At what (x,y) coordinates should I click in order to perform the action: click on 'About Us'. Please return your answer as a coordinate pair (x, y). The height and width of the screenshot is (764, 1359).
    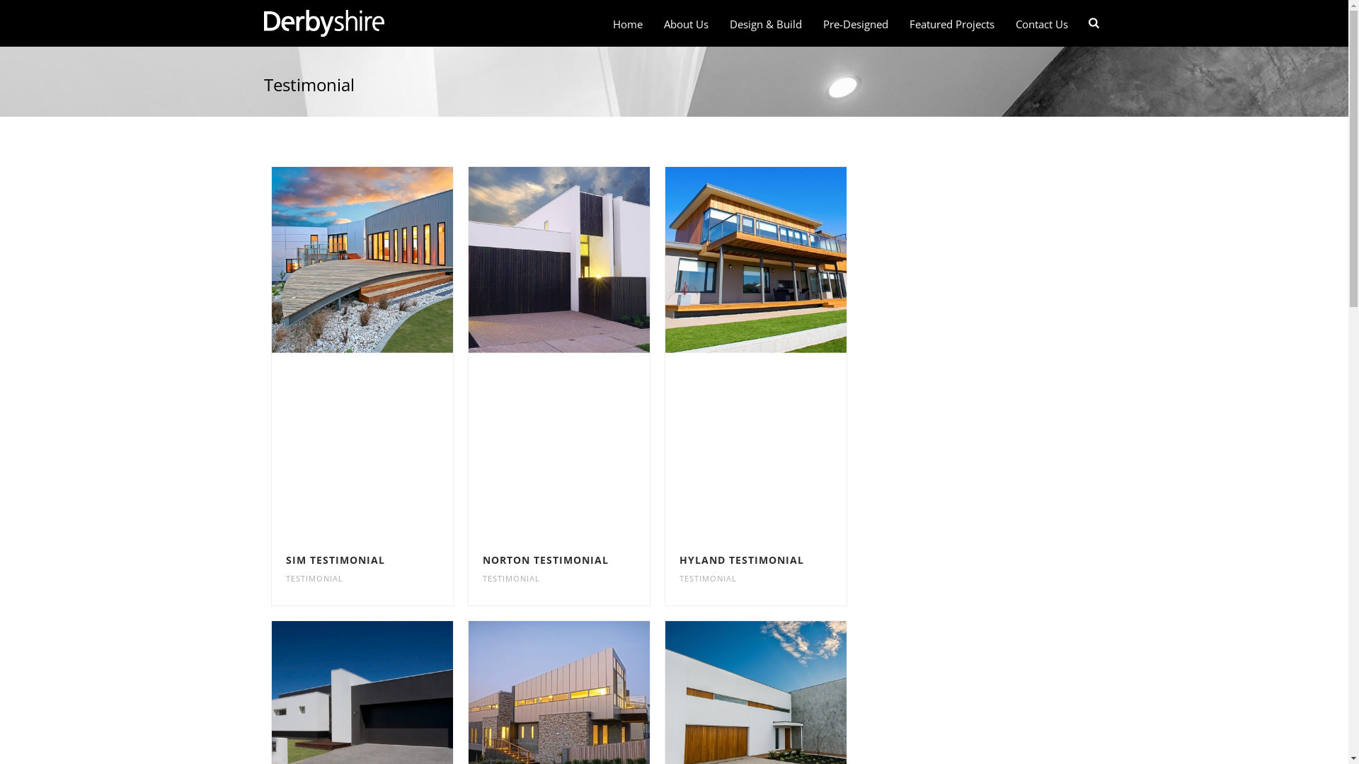
    Looking at the image, I should click on (686, 24).